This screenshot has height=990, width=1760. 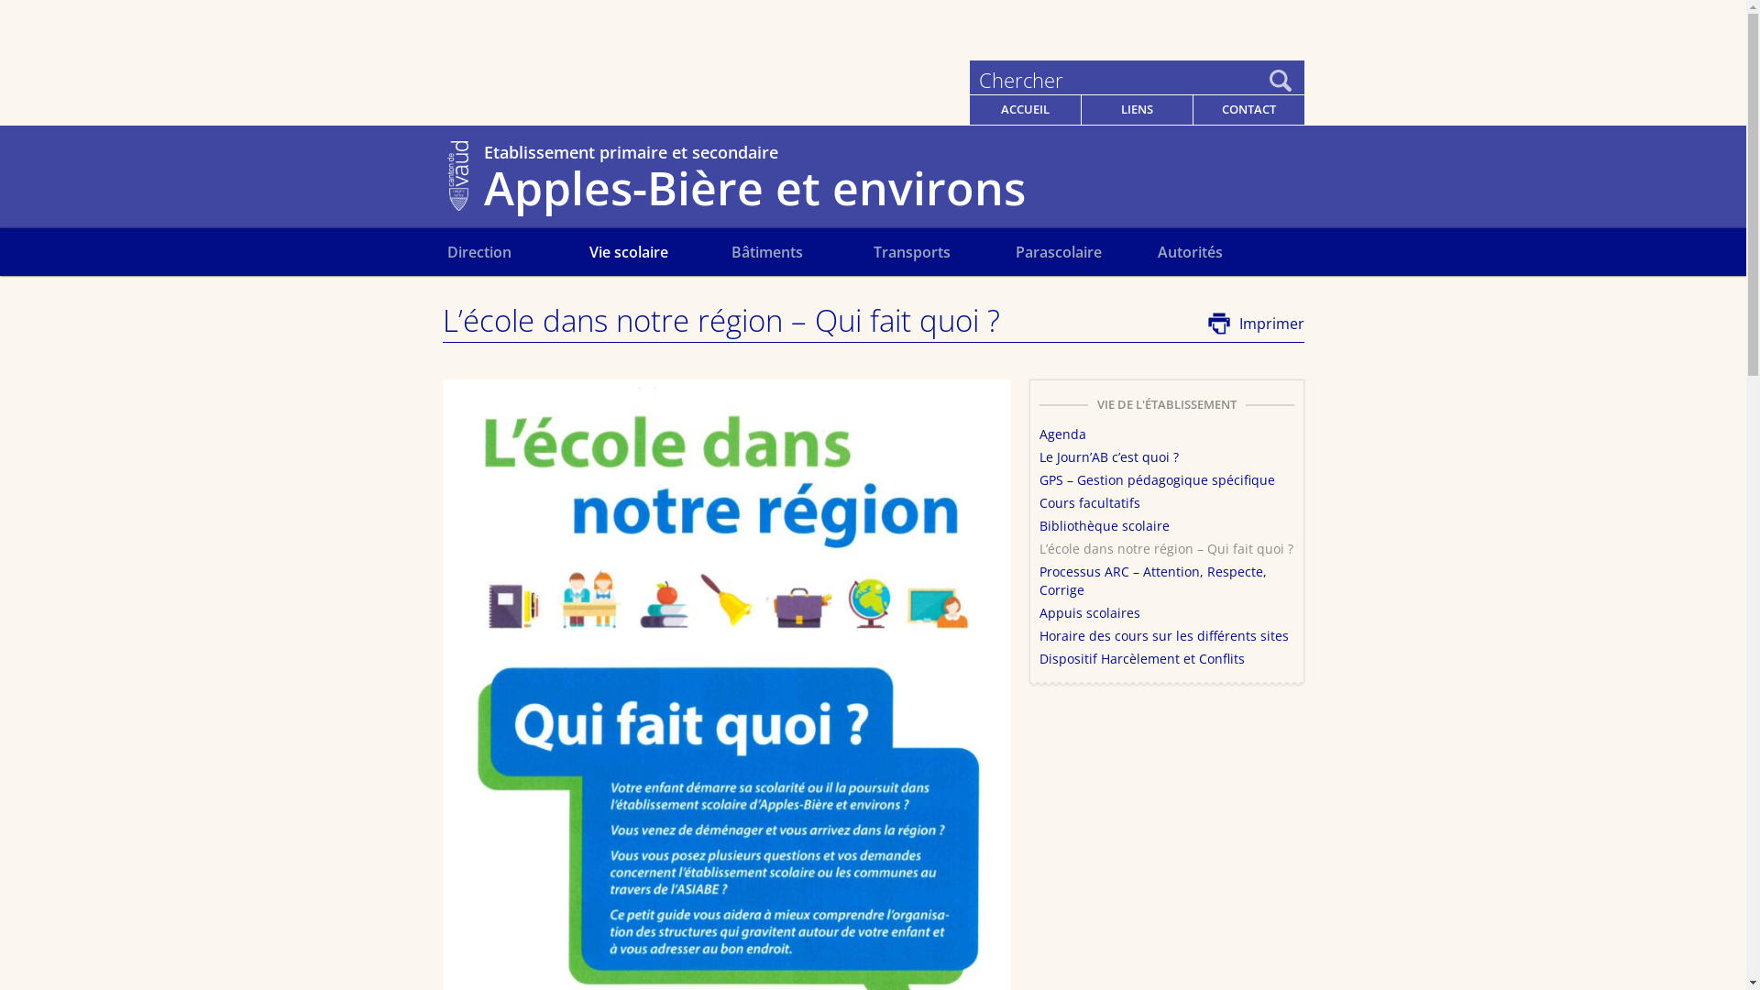 I want to click on 'CONTACT', so click(x=1248, y=109).